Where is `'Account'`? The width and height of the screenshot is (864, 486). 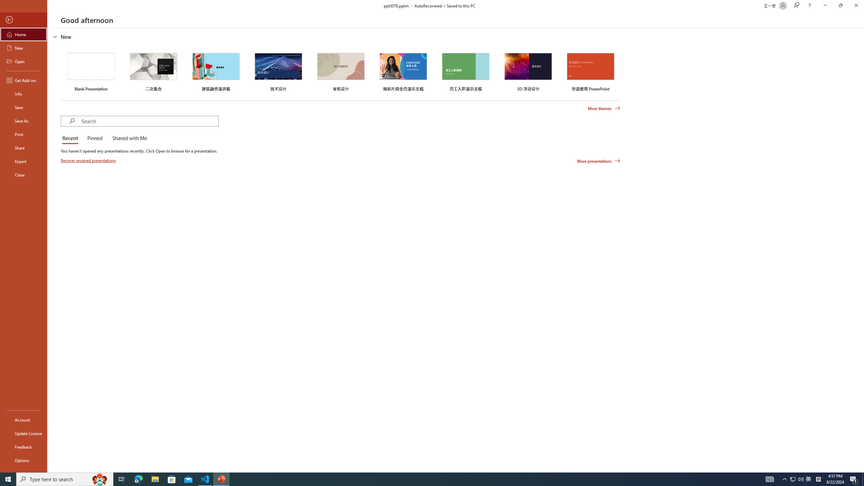
'Account' is located at coordinates (23, 420).